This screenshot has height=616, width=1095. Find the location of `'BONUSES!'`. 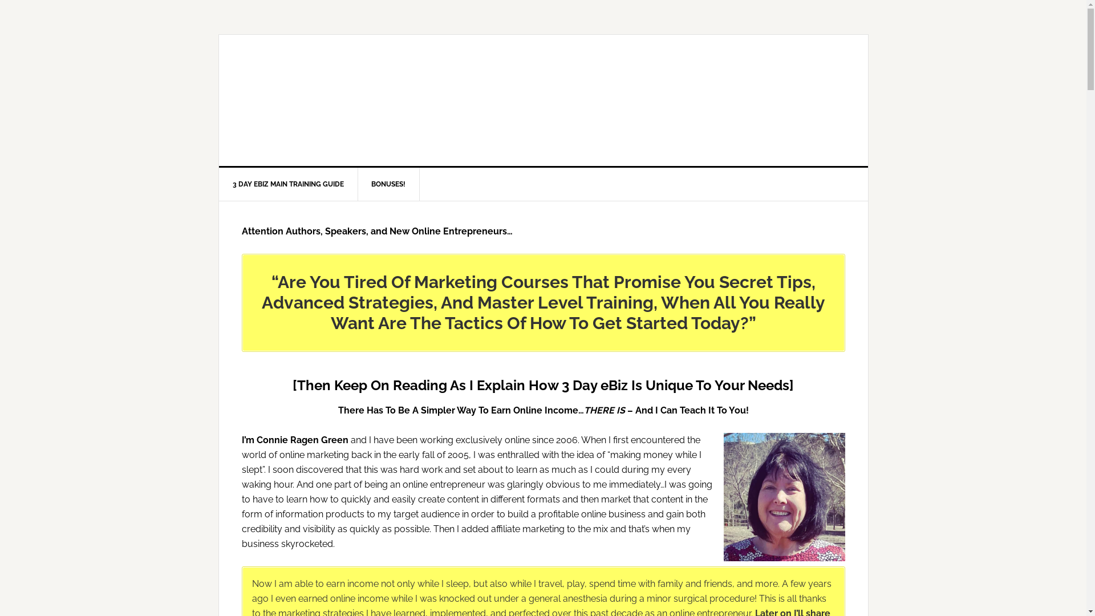

'BONUSES!' is located at coordinates (388, 184).